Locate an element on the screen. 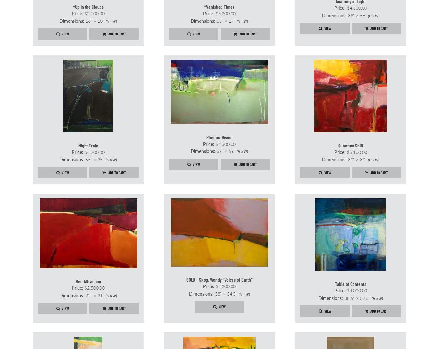 The height and width of the screenshot is (349, 439). '$4,000.00' is located at coordinates (356, 290).